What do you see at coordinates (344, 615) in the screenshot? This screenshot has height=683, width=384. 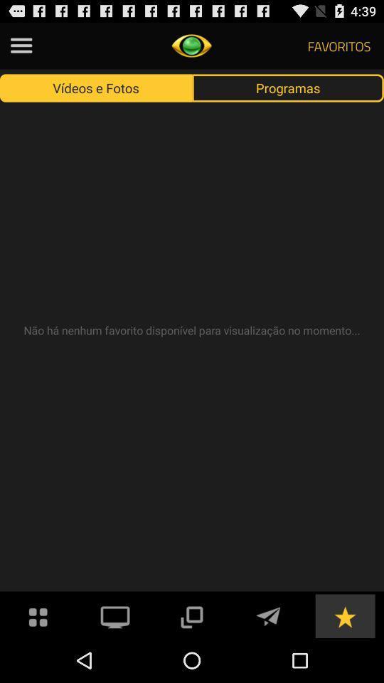 I see `favorites option` at bounding box center [344, 615].